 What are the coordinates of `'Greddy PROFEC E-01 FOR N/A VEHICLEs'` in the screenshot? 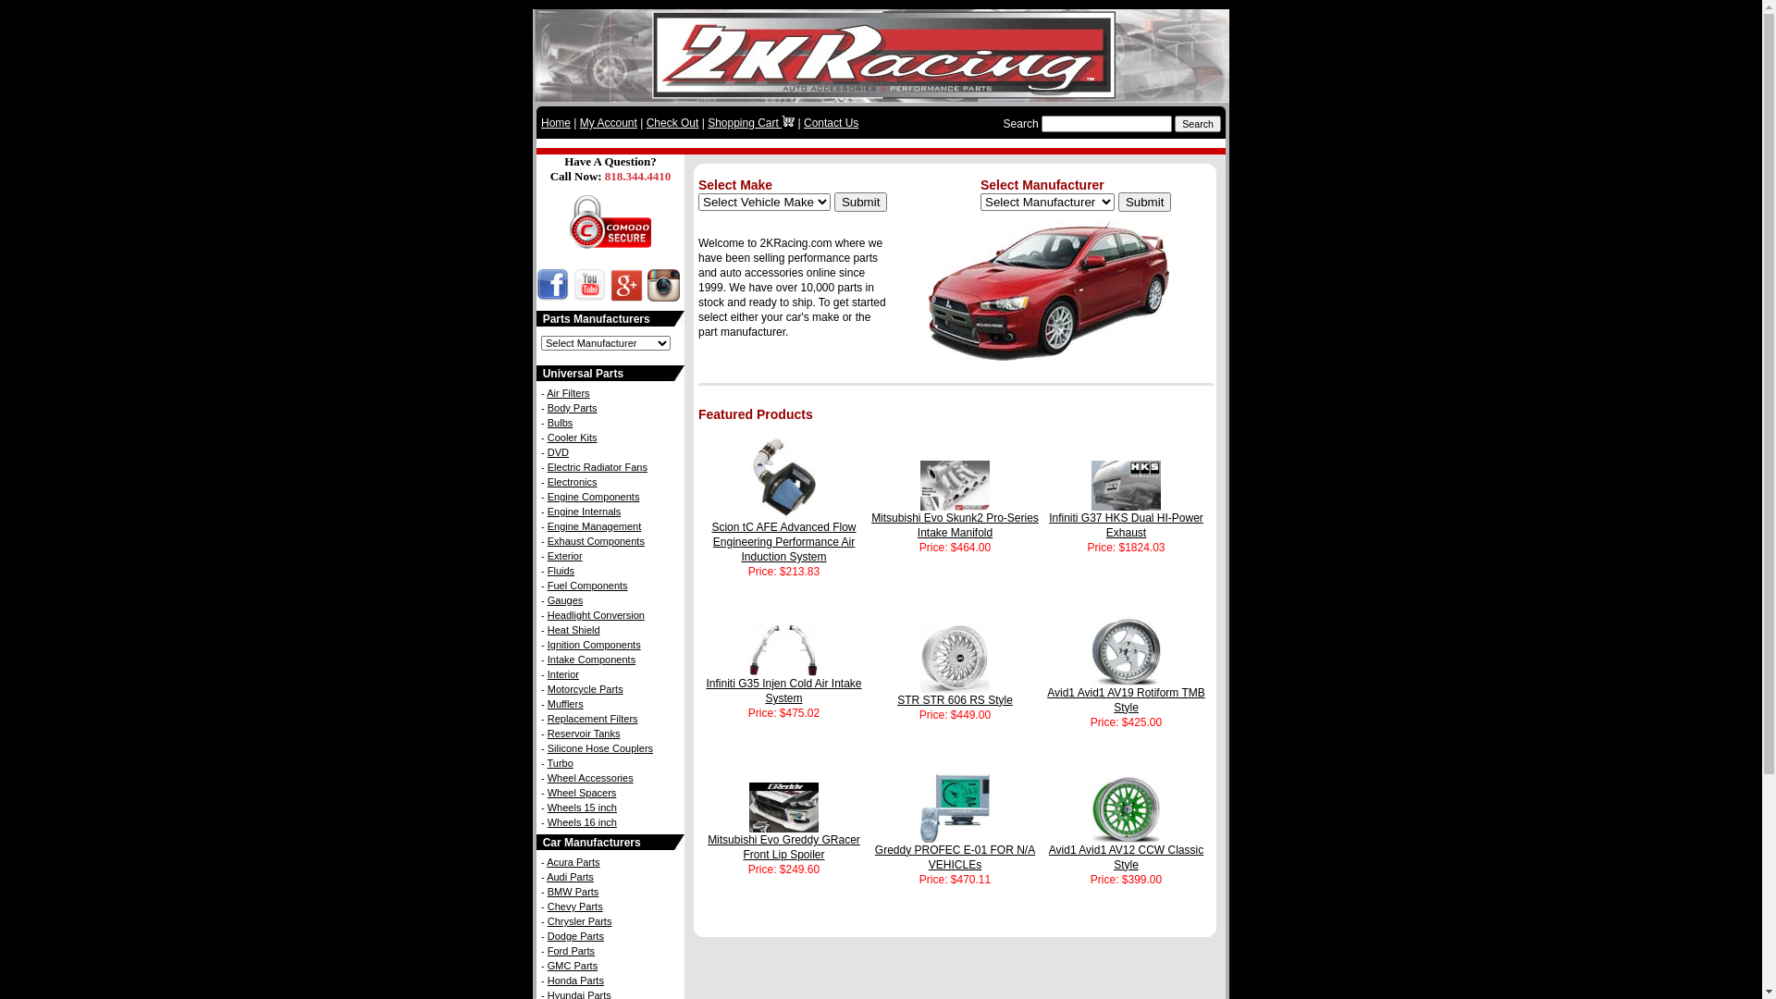 It's located at (955, 852).